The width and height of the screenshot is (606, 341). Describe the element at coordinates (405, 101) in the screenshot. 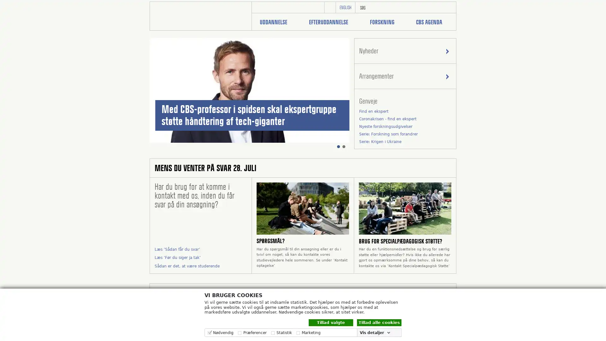

I see `Genveje` at that location.